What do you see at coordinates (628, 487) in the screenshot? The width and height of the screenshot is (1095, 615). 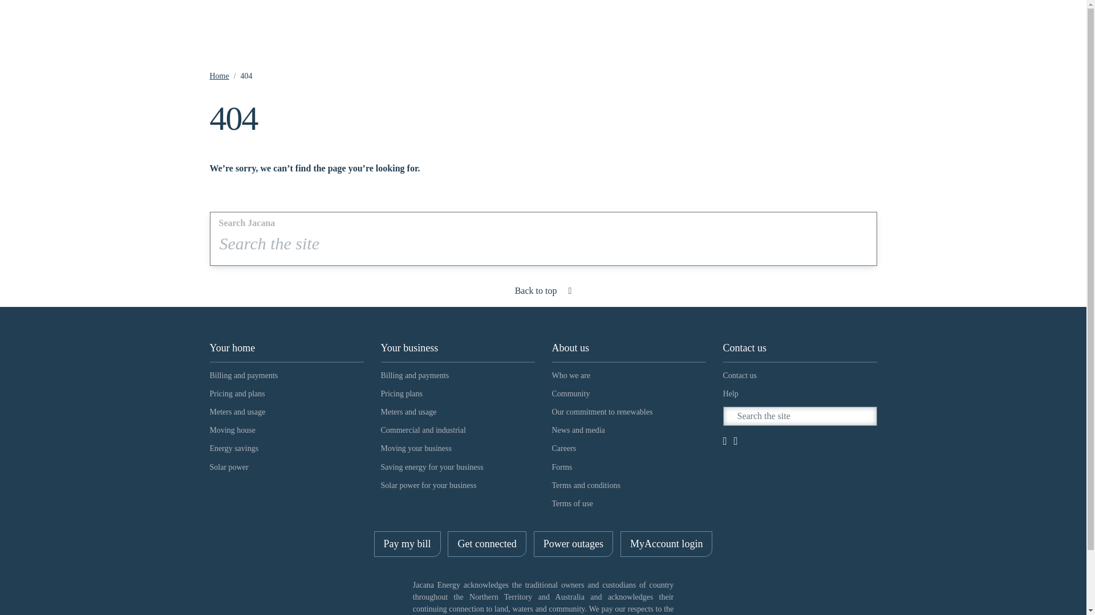 I see `'Terms and conditions'` at bounding box center [628, 487].